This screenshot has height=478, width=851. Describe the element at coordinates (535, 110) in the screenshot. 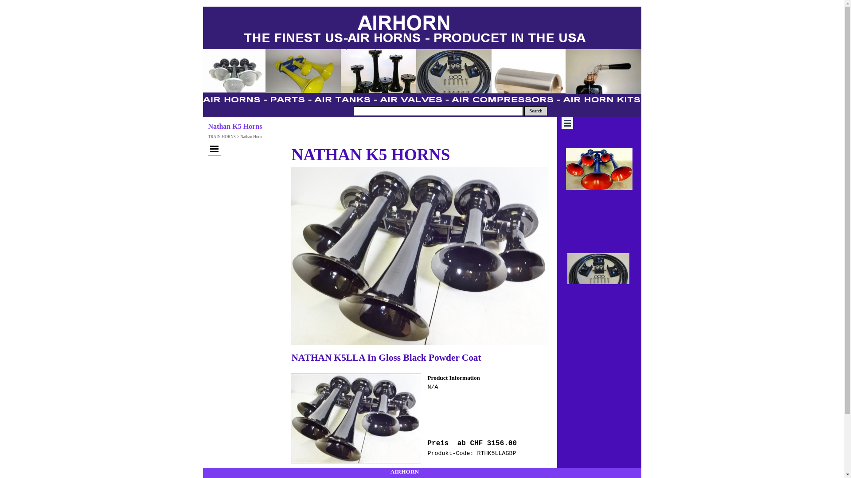

I see `'Search'` at that location.